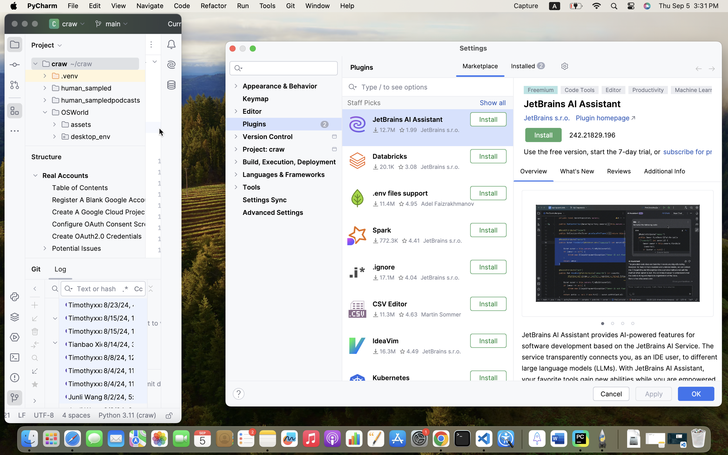 This screenshot has width=728, height=455. What do you see at coordinates (383, 277) in the screenshot?
I see `'17.1M'` at bounding box center [383, 277].